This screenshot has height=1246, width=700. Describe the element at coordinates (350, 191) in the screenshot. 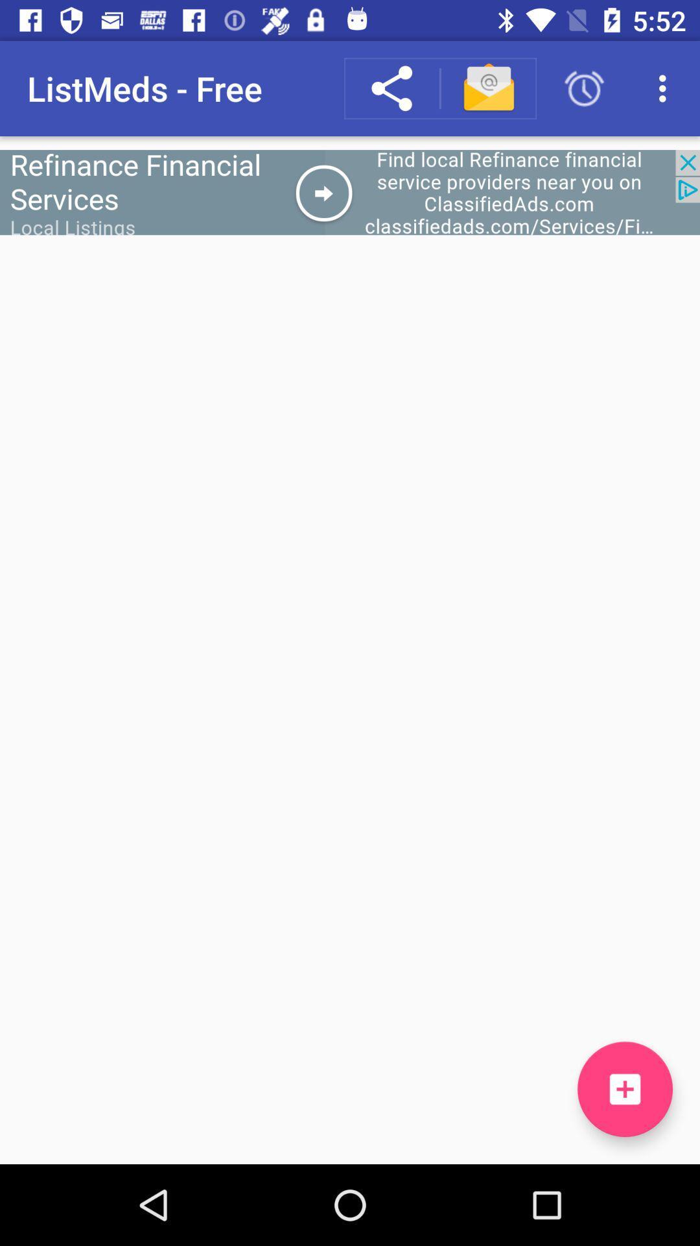

I see `for add` at that location.